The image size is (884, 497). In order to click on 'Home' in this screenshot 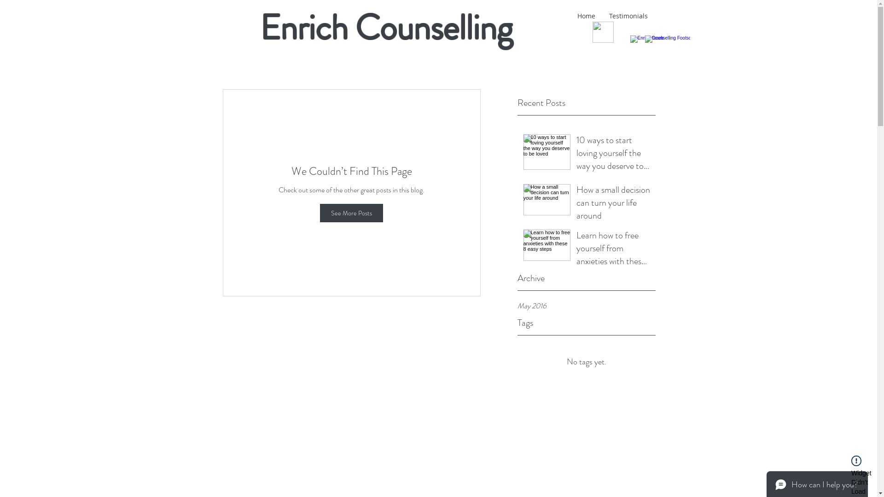, I will do `click(585, 16)`.